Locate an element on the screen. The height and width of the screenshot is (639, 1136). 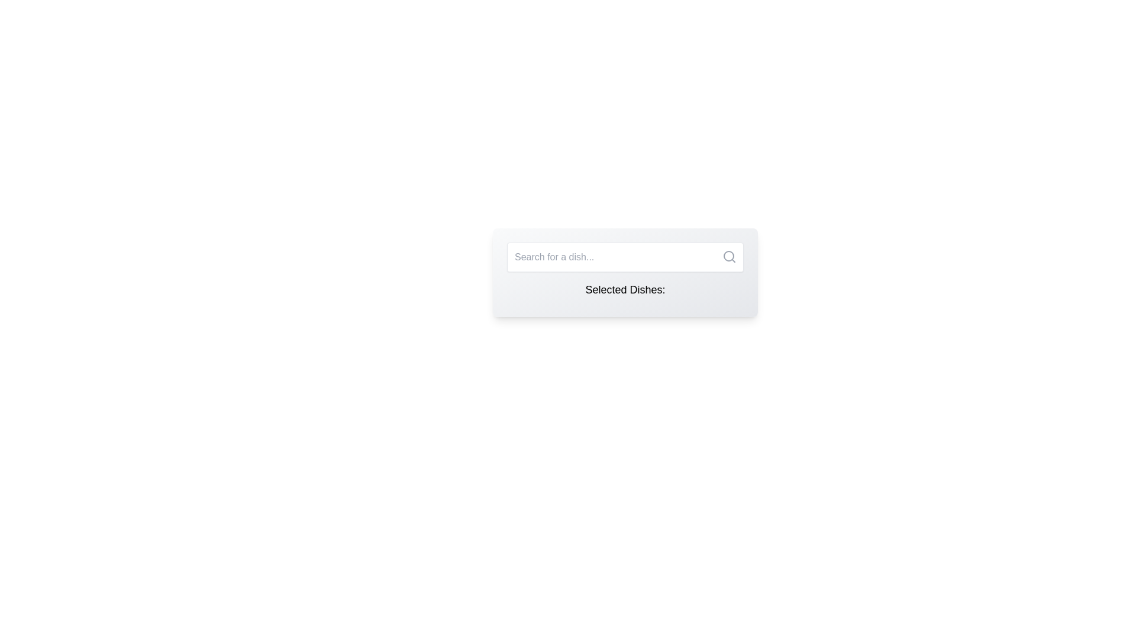
the section label, which serves as a heading for a list of selected dishes, positioned below the search bar is located at coordinates (624, 289).